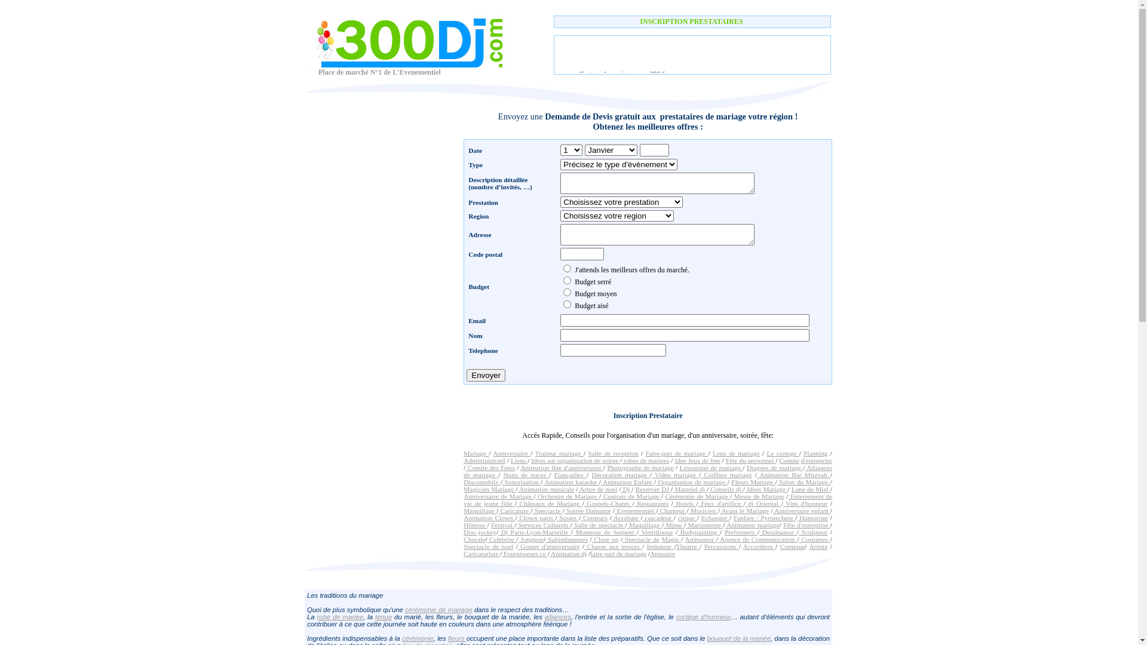  Describe the element at coordinates (517, 489) in the screenshot. I see `'Animation musicale'` at that location.